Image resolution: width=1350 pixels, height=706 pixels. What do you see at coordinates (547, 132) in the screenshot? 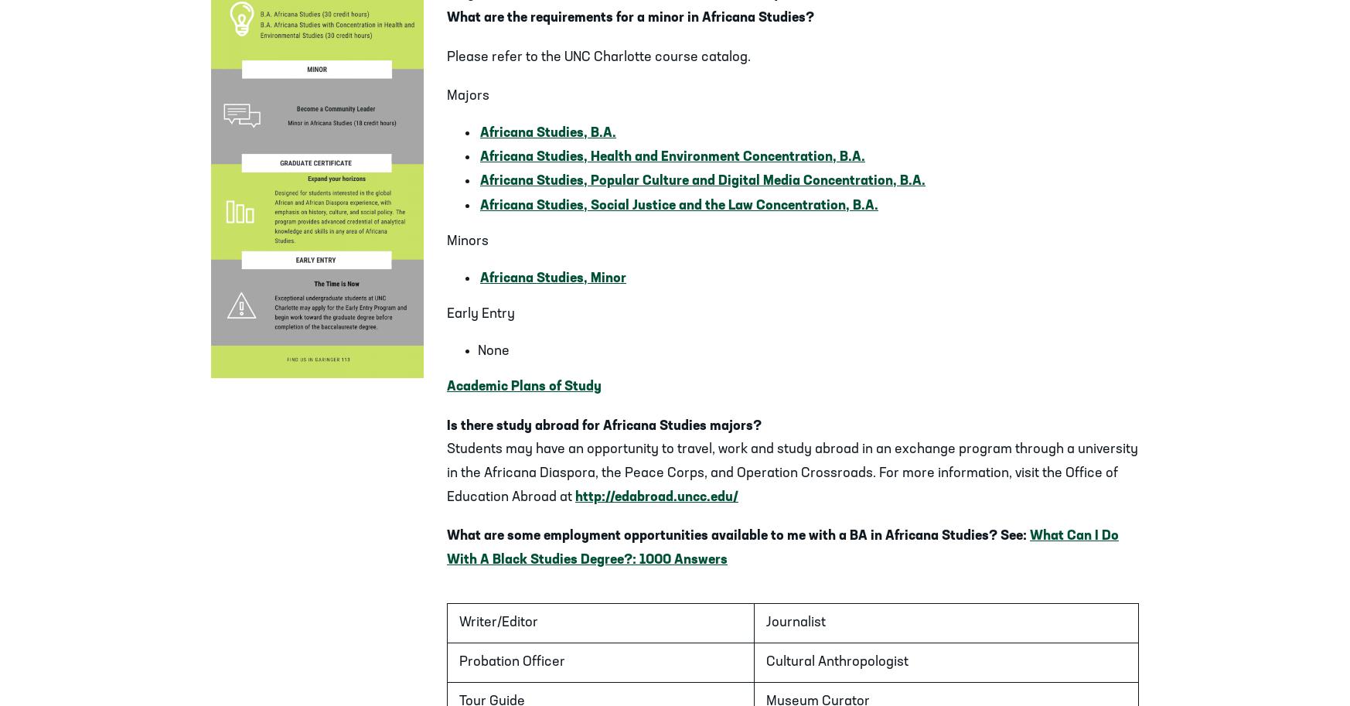
I see `'Africana Studies, B.A.'` at bounding box center [547, 132].